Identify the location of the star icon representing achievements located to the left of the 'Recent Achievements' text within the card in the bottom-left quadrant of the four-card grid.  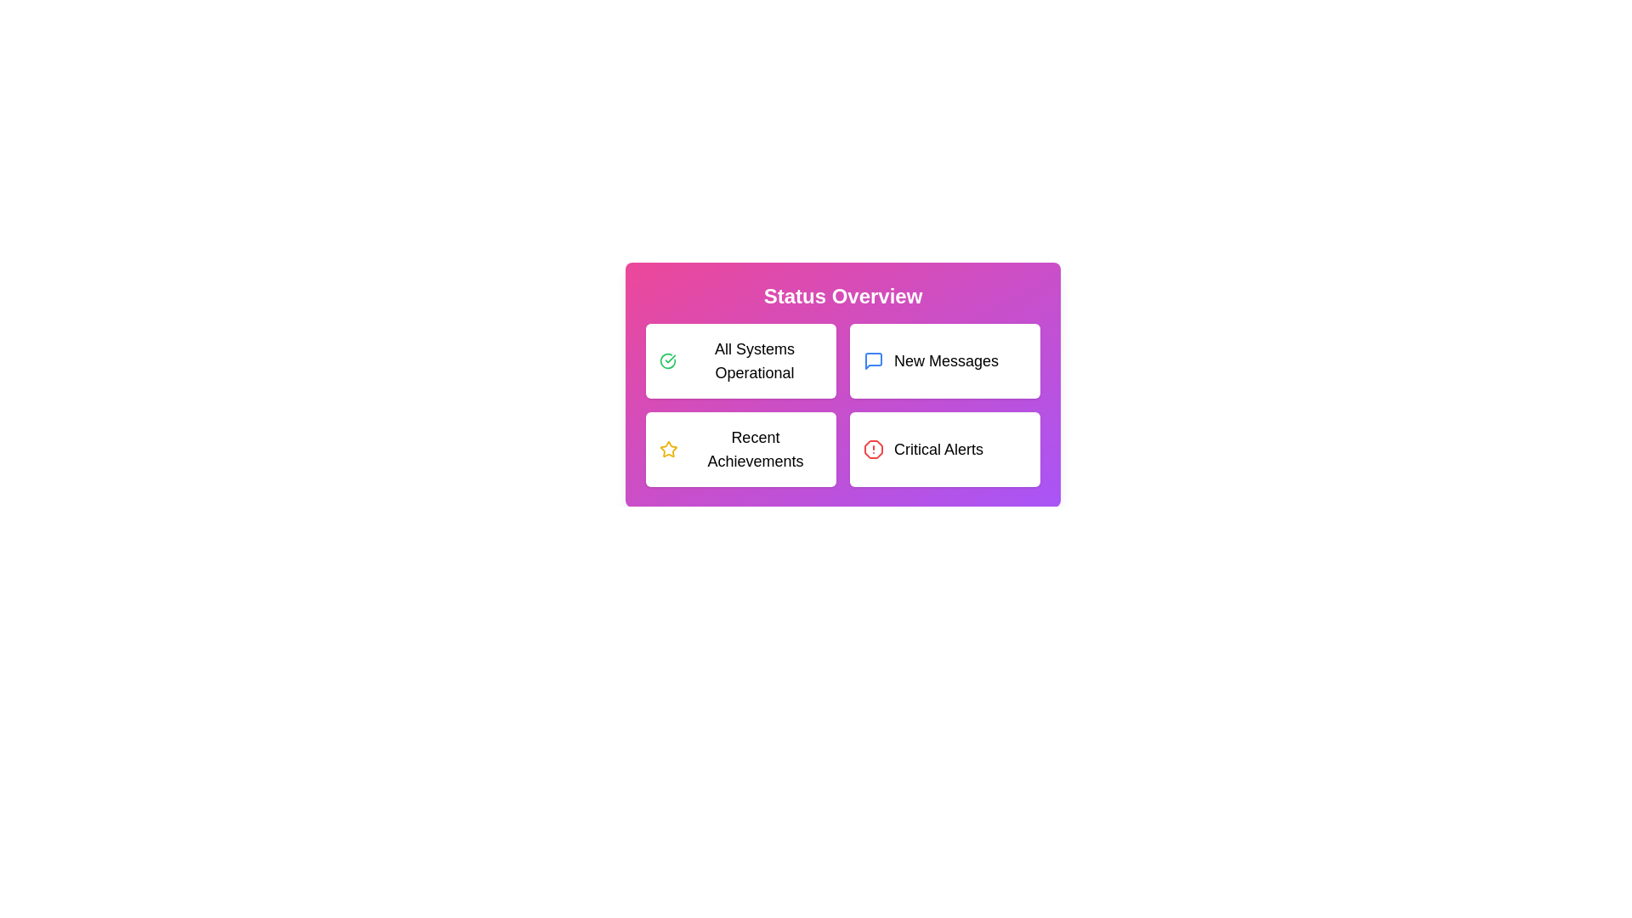
(667, 448).